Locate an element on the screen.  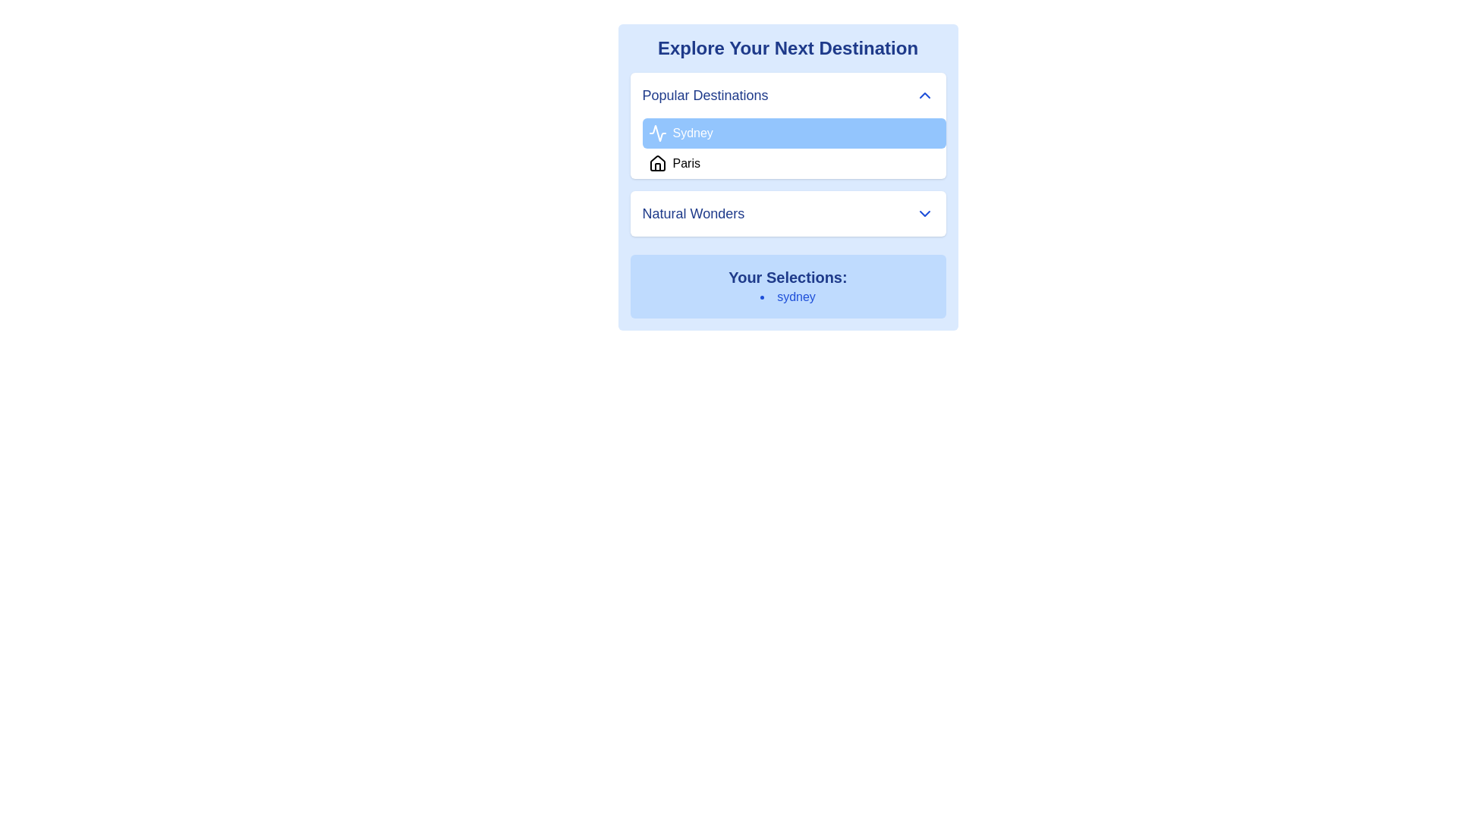
the text heading labeled 'Popular Destinations' which is styled with a medium-sized deep blue font and is part of a collapsible menu header is located at coordinates (704, 96).